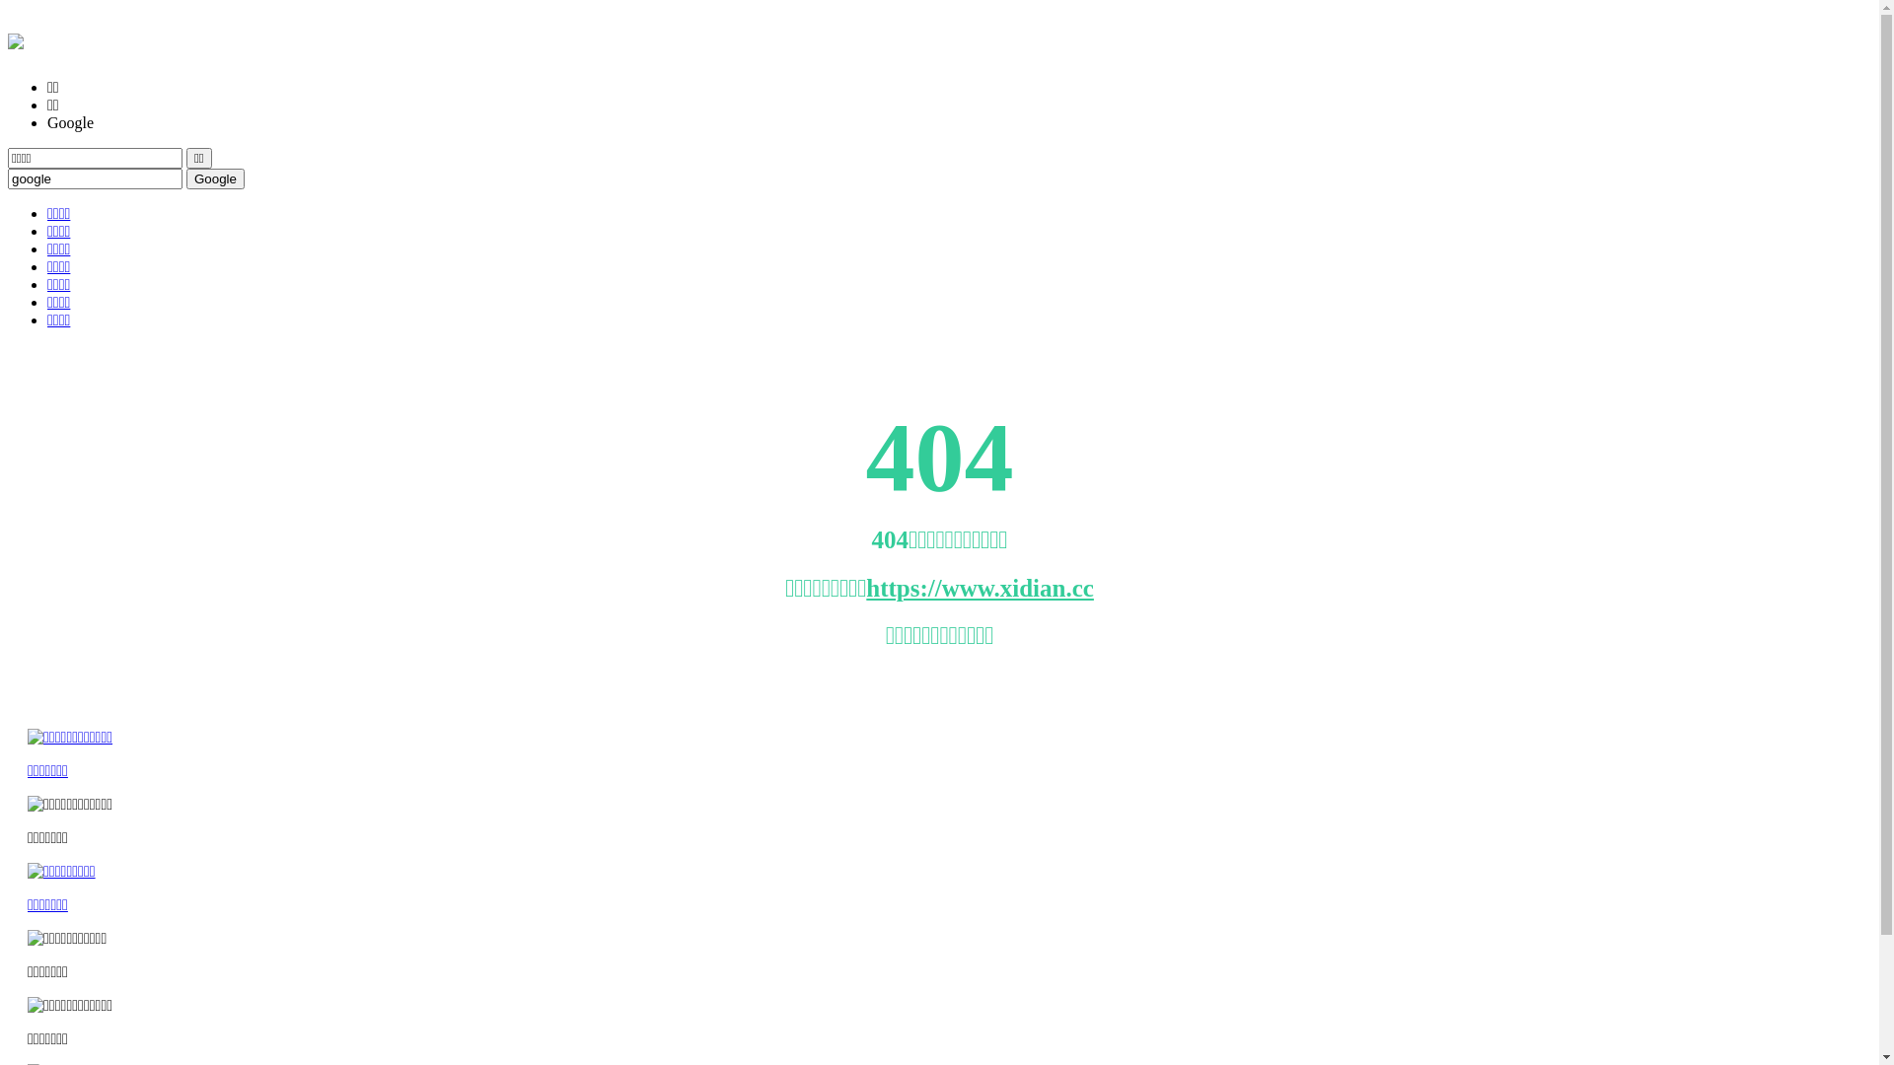  Describe the element at coordinates (980, 587) in the screenshot. I see `'https://www.xidian.cc'` at that location.